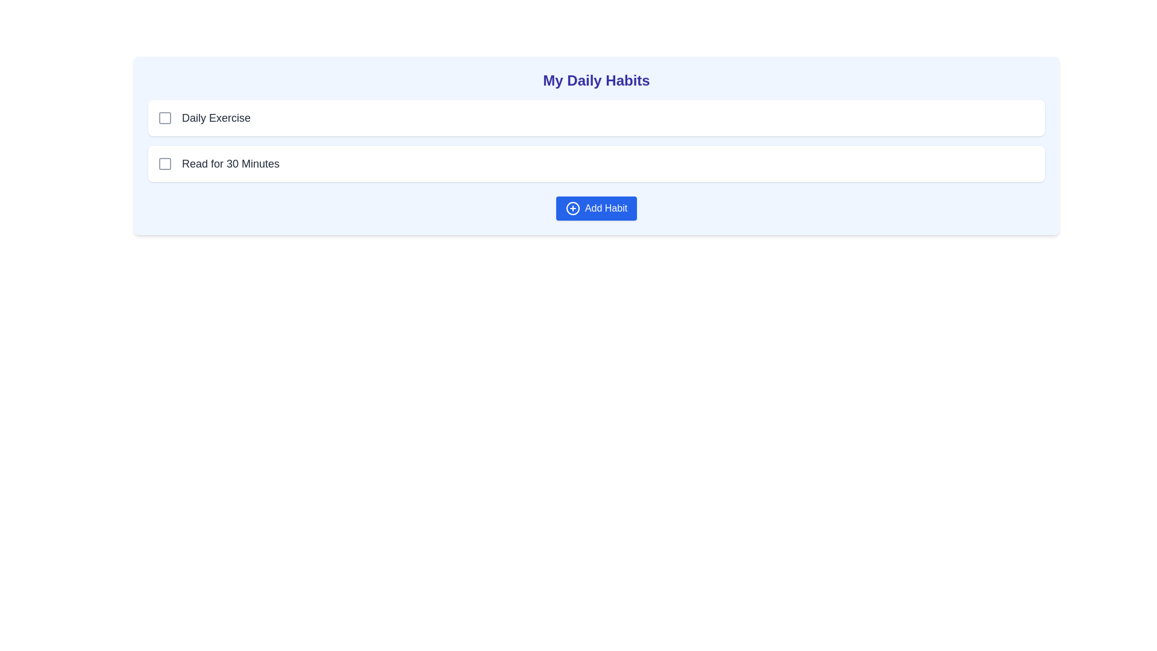 The height and width of the screenshot is (651, 1157). Describe the element at coordinates (164, 164) in the screenshot. I see `the checkbox styled with a thin border, light gray color, and rounded corners` at that location.